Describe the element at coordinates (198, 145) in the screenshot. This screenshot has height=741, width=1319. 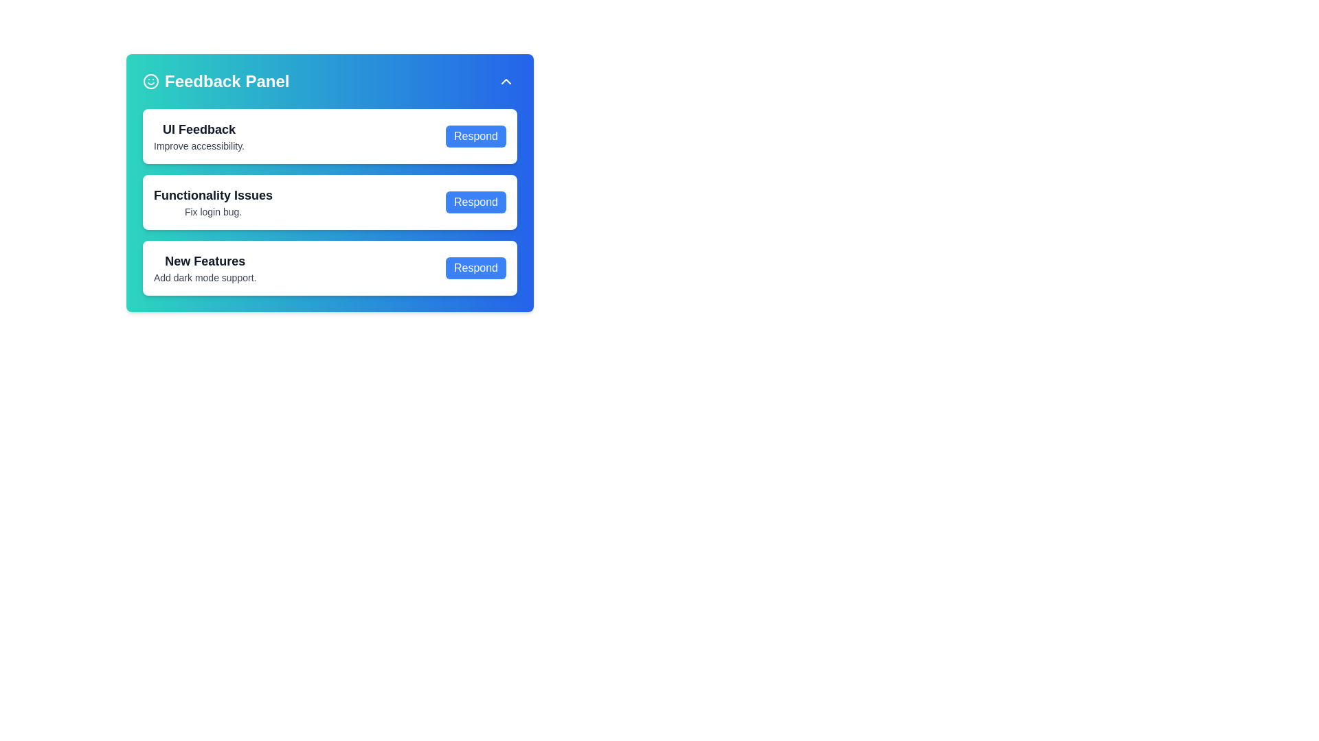
I see `text labeled 'Improve accessibility.' located under the 'UI Feedback' section in the feedback panel interface` at that location.